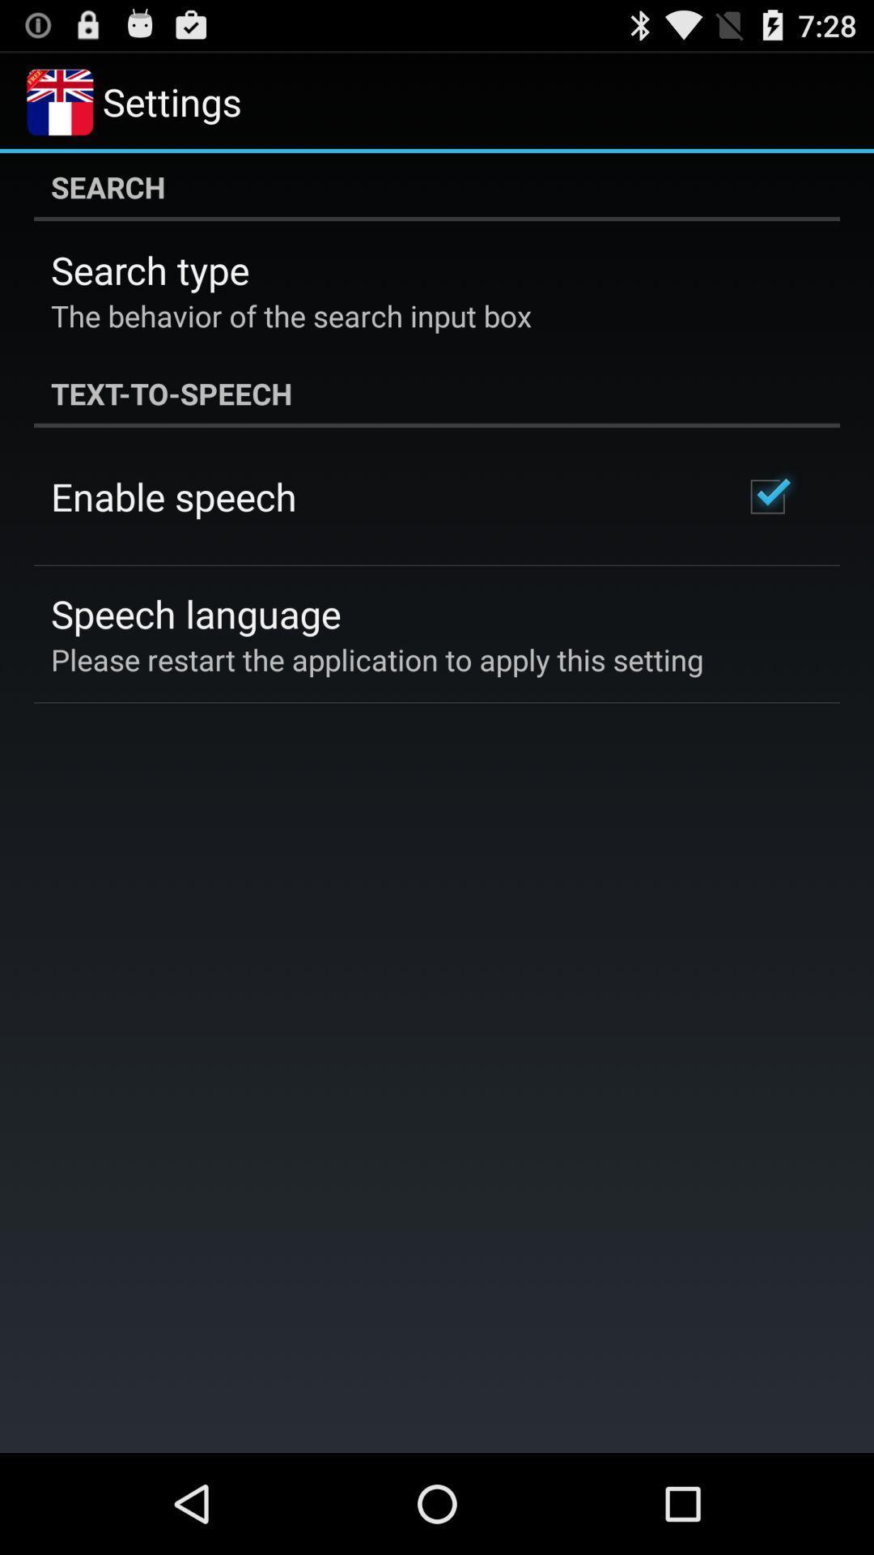  What do you see at coordinates (766, 496) in the screenshot?
I see `app to the right of the enable speech app` at bounding box center [766, 496].